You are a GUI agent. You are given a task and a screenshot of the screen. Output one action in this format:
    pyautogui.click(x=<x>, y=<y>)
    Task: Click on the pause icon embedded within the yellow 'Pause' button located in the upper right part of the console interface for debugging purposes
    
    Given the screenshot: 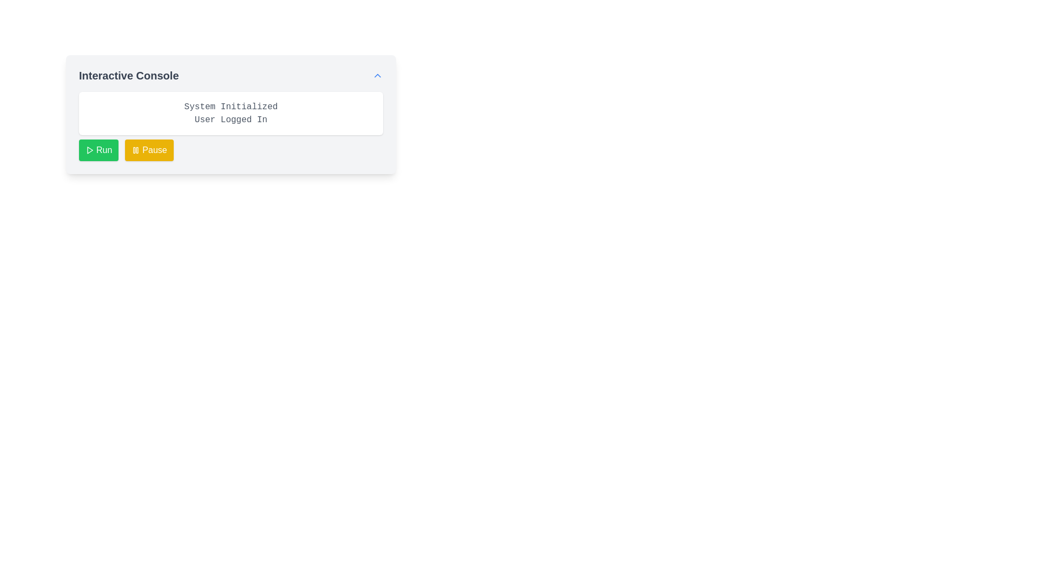 What is the action you would take?
    pyautogui.click(x=135, y=150)
    